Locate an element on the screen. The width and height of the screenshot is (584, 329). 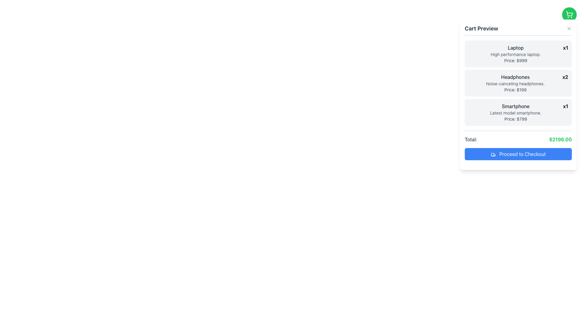
the 'Headphones' text label, which is displayed in medium-sized, bold, dark gray font within the cart preview panel is located at coordinates (515, 77).